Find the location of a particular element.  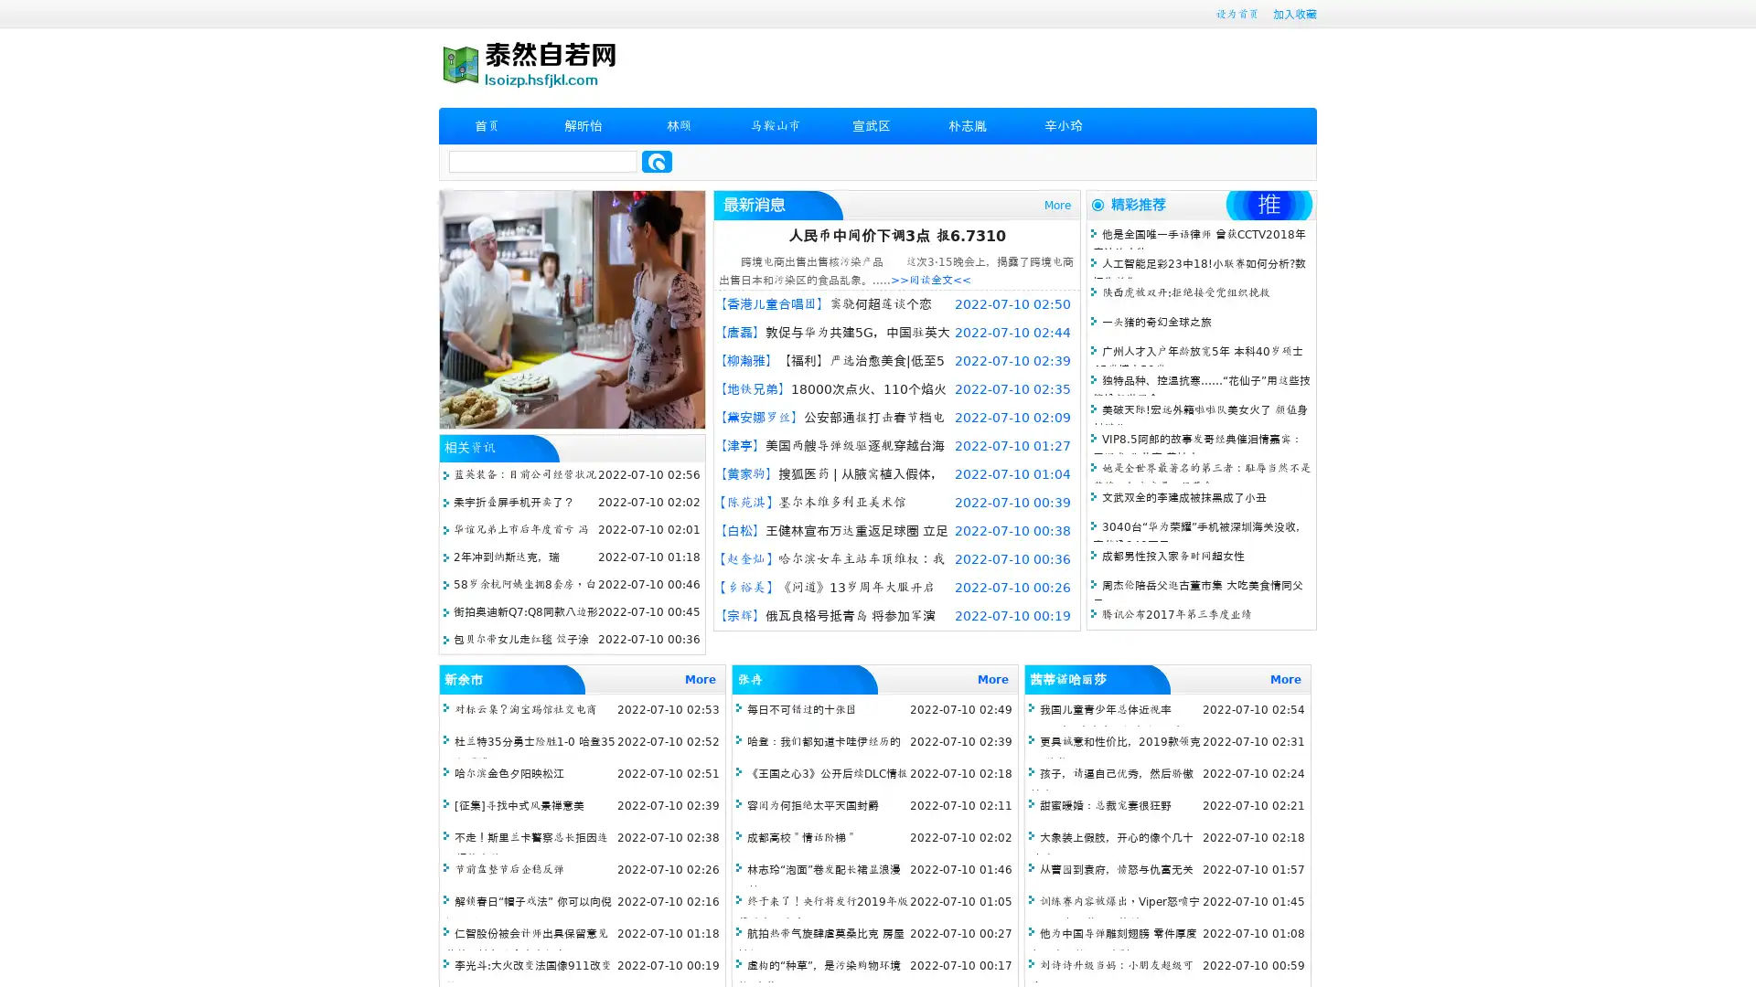

Search is located at coordinates (657, 161).